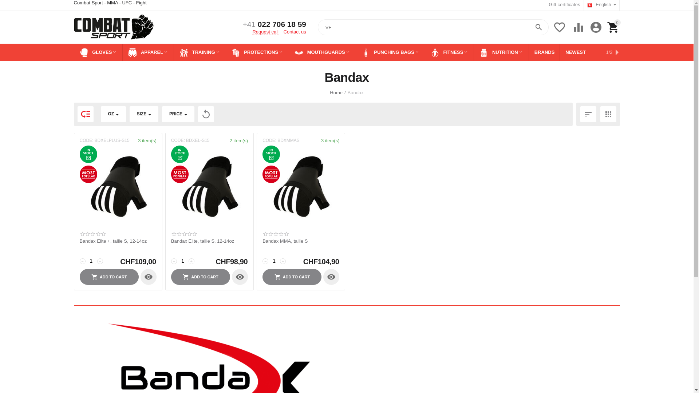 The width and height of the screenshot is (699, 393). Describe the element at coordinates (575, 52) in the screenshot. I see `'NEWEST'` at that location.